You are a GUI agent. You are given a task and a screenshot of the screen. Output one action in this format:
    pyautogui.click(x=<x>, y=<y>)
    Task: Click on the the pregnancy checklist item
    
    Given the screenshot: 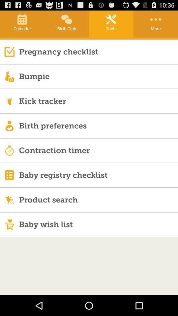 What is the action you would take?
    pyautogui.click(x=98, y=51)
    